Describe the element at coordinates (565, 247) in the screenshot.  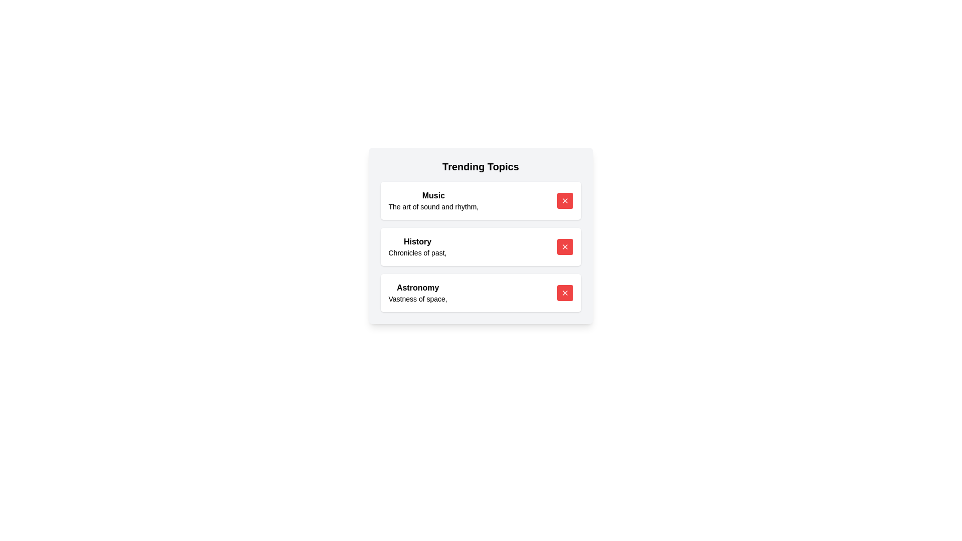
I see `remove button next to the topic History to delete it` at that location.